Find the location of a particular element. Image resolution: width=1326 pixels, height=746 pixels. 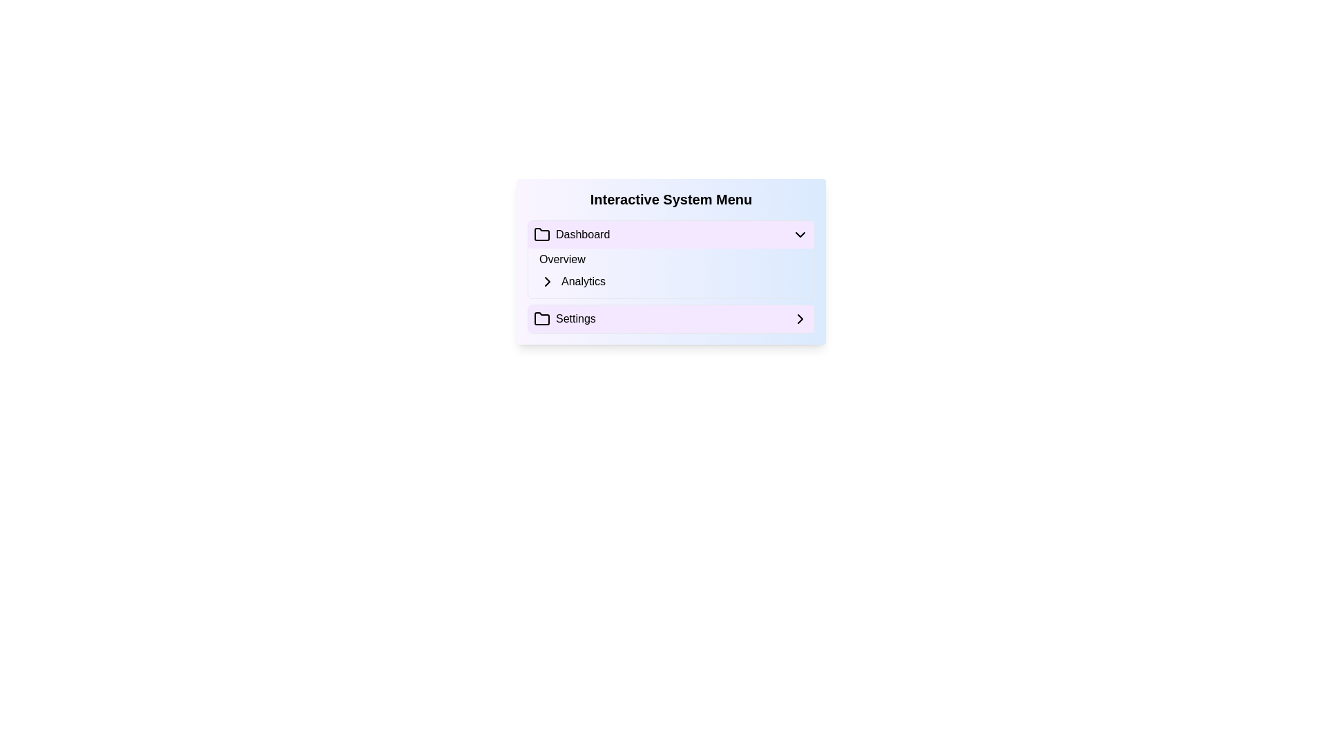

the first item in the 'Interactive System Menu' navigation bar is located at coordinates (671, 233).